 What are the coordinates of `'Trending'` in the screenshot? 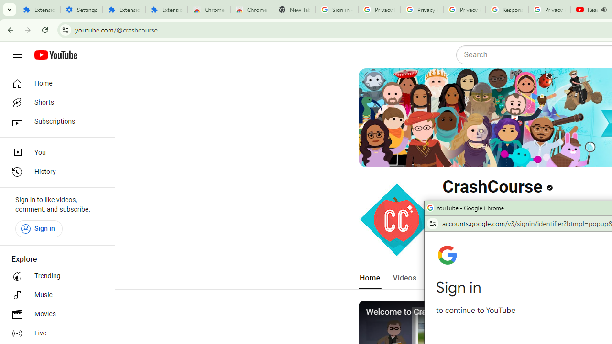 It's located at (54, 276).